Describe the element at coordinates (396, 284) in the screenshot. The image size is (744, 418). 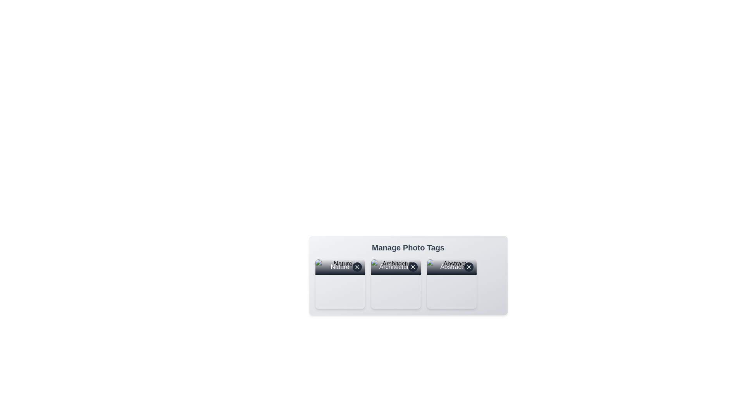
I see `the tag Architecture to view its associated images` at that location.